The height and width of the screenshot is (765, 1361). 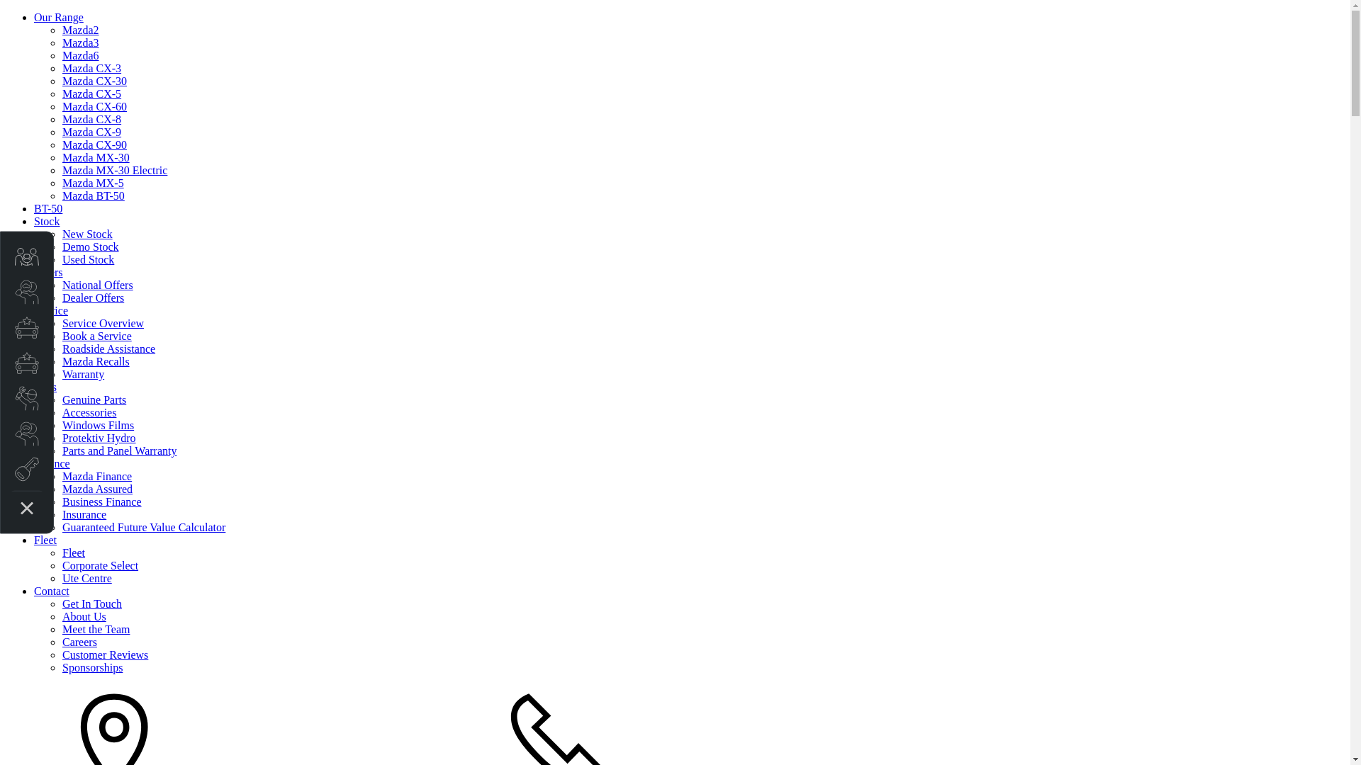 What do you see at coordinates (48, 272) in the screenshot?
I see `'Offers'` at bounding box center [48, 272].